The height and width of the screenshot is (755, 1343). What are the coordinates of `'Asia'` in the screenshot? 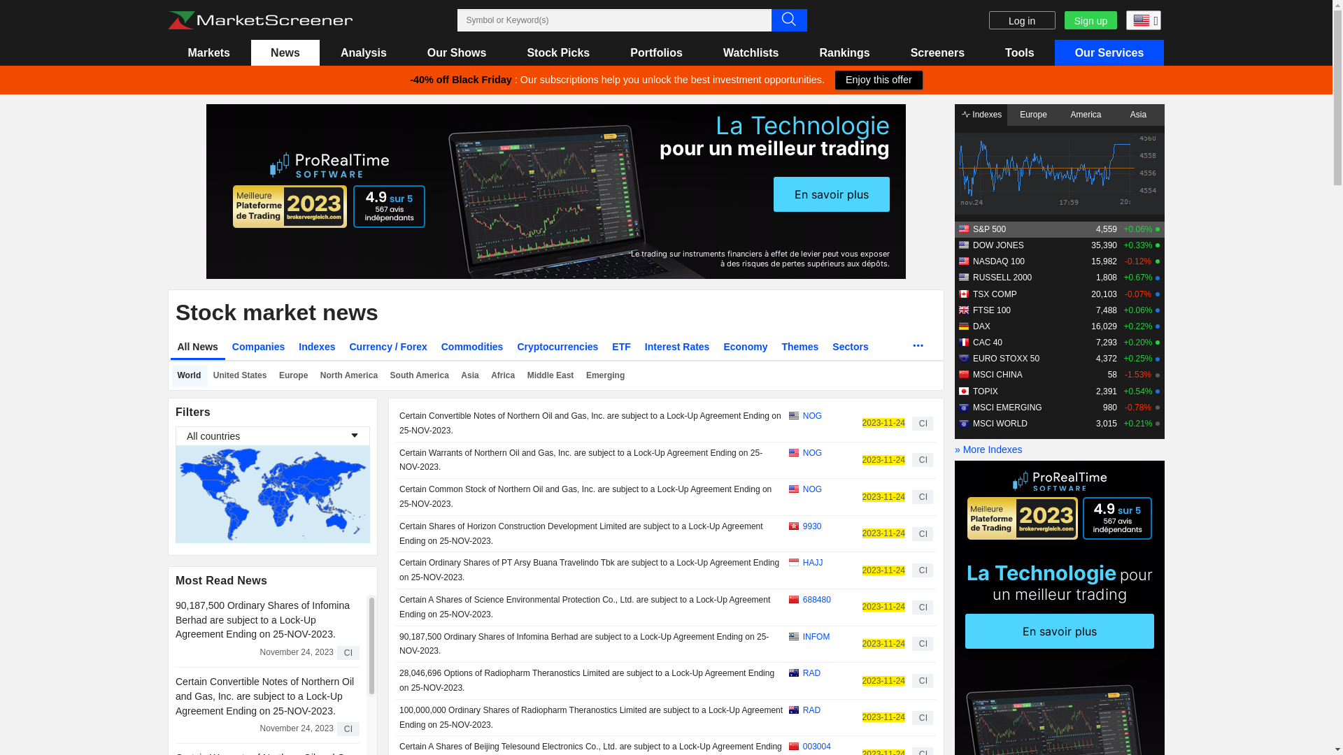 It's located at (471, 375).